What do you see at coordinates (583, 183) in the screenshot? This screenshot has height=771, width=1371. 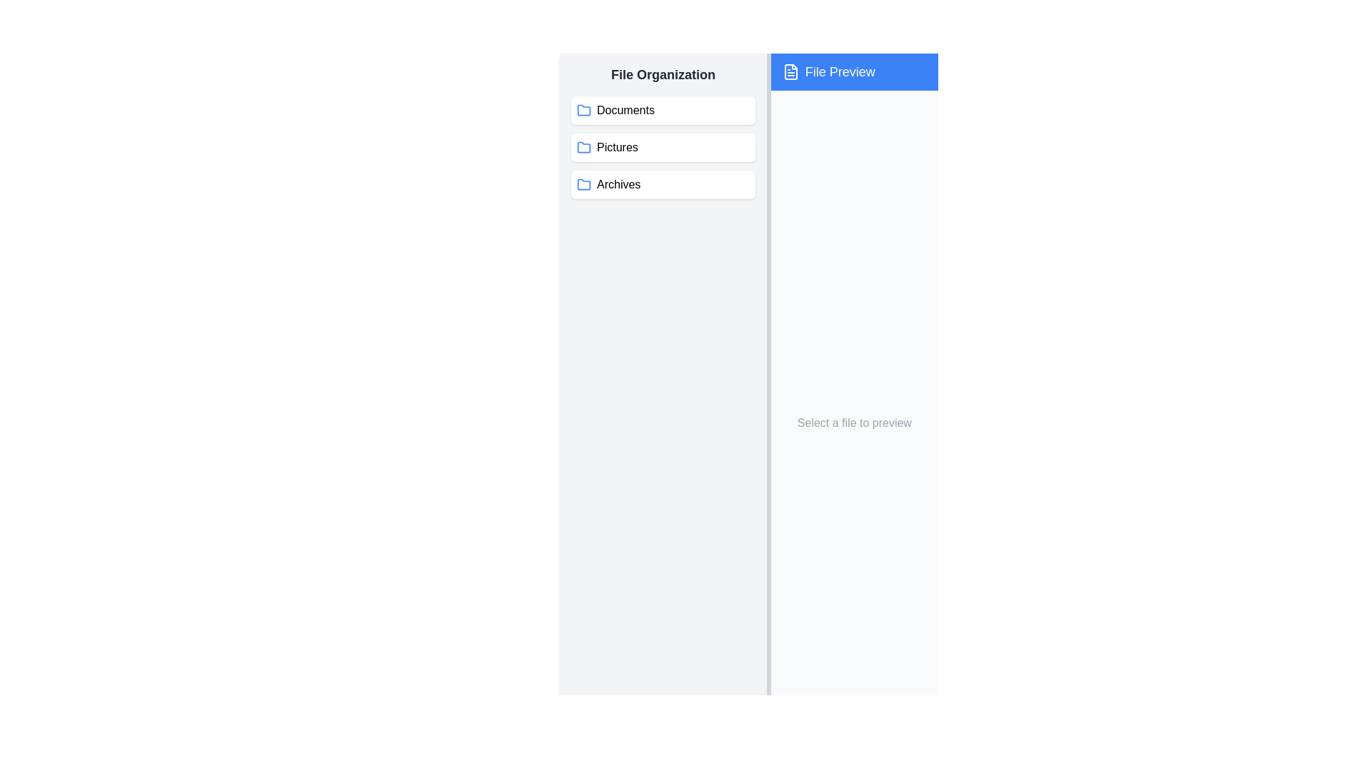 I see `the folder icon representing the 'Archives' folder located on the left side of the page, inside the third list item labeled 'Archives'` at bounding box center [583, 183].